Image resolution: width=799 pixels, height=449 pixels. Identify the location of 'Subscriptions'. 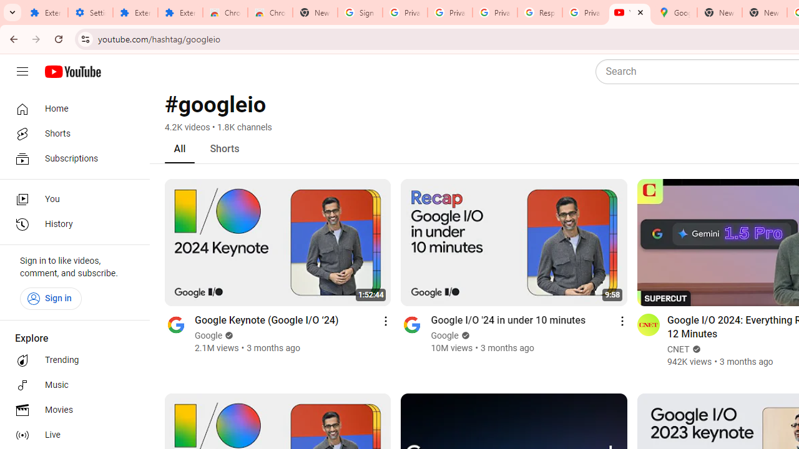
(70, 158).